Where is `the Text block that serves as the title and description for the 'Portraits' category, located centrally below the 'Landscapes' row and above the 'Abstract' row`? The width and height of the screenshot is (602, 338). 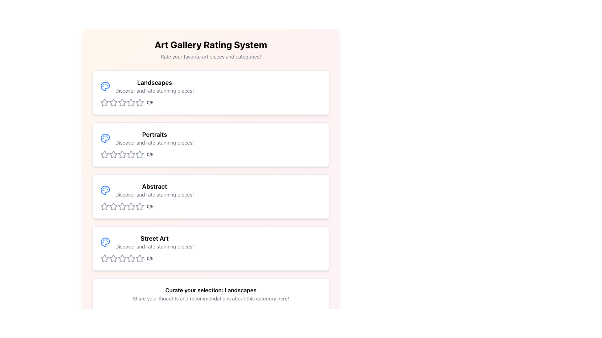 the Text block that serves as the title and description for the 'Portraits' category, located centrally below the 'Landscapes' row and above the 'Abstract' row is located at coordinates (155, 138).